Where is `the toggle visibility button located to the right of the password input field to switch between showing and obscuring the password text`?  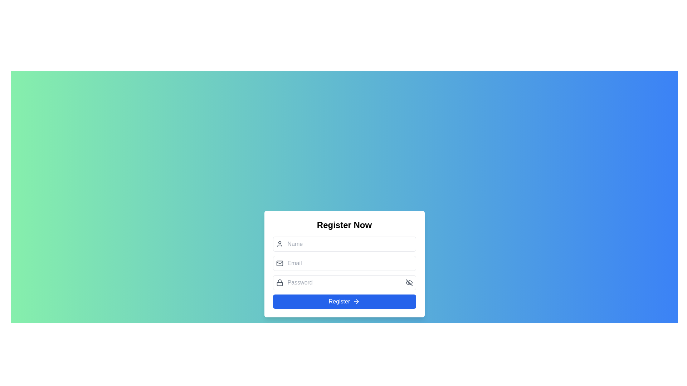
the toggle visibility button located to the right of the password input field to switch between showing and obscuring the password text is located at coordinates (409, 282).